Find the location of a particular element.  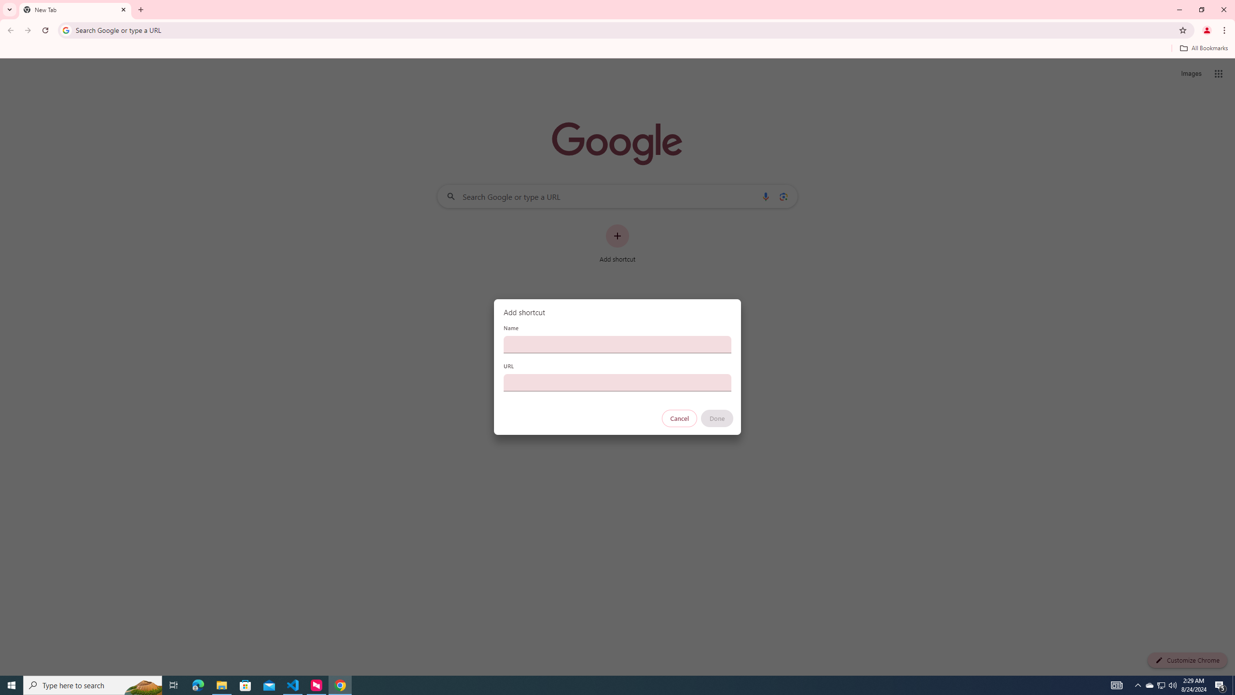

'URL' is located at coordinates (617, 382).